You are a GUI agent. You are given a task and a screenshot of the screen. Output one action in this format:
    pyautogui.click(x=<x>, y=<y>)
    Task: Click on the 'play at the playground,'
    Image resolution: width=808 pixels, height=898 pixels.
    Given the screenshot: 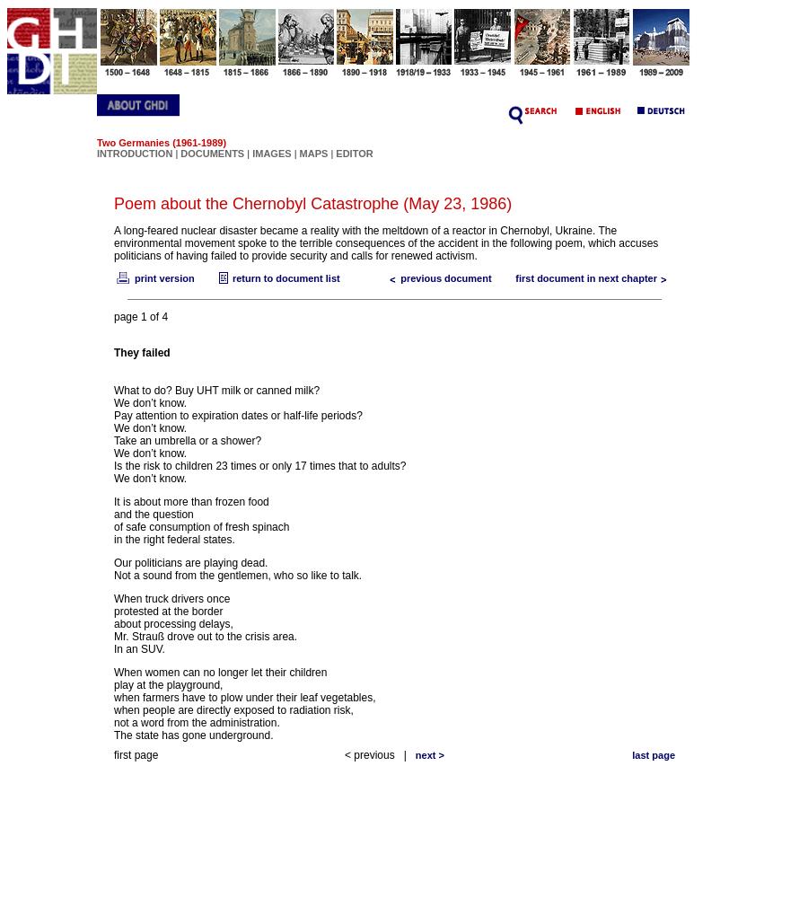 What is the action you would take?
    pyautogui.click(x=168, y=685)
    